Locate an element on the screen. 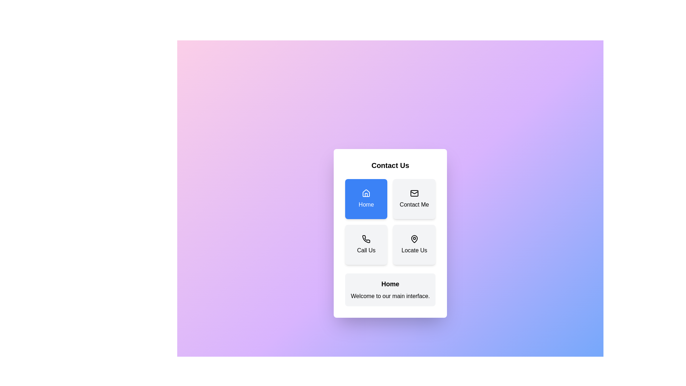 This screenshot has width=686, height=386. the header text 'Contact Us' is located at coordinates (390, 165).